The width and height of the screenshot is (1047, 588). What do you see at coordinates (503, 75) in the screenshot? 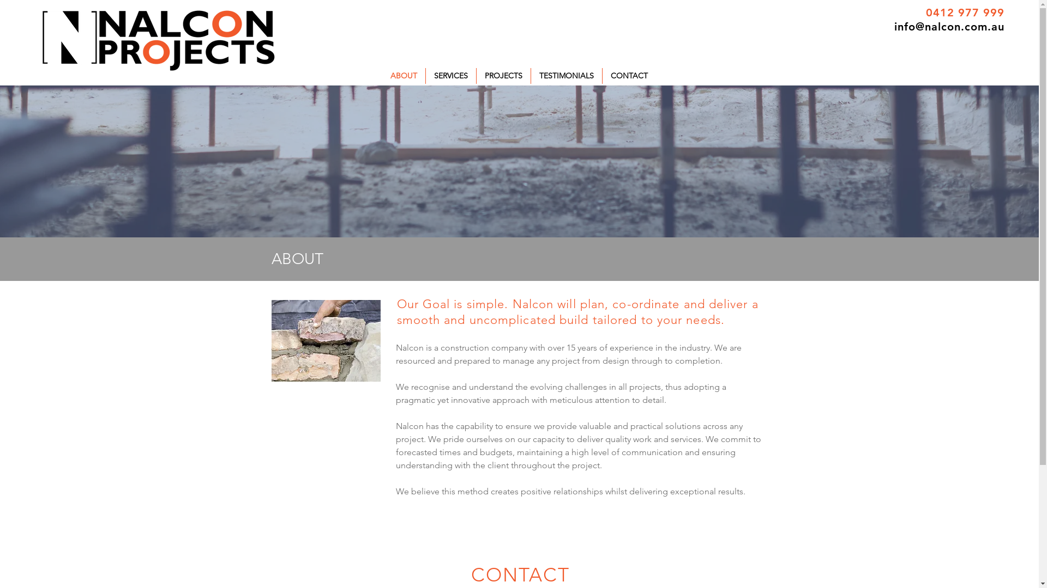
I see `'PROJECTS'` at bounding box center [503, 75].